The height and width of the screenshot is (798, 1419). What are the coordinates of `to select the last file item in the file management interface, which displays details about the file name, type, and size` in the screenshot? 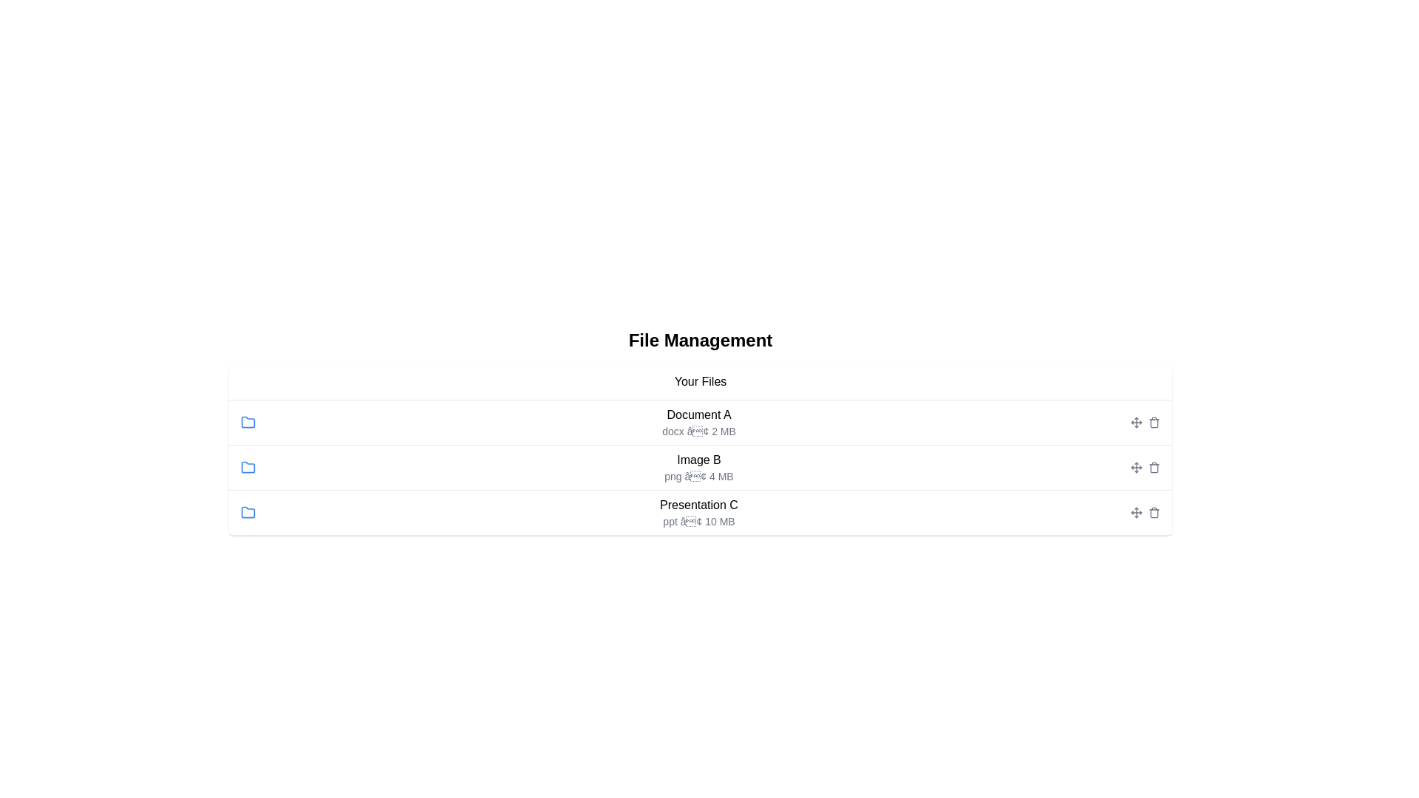 It's located at (700, 512).